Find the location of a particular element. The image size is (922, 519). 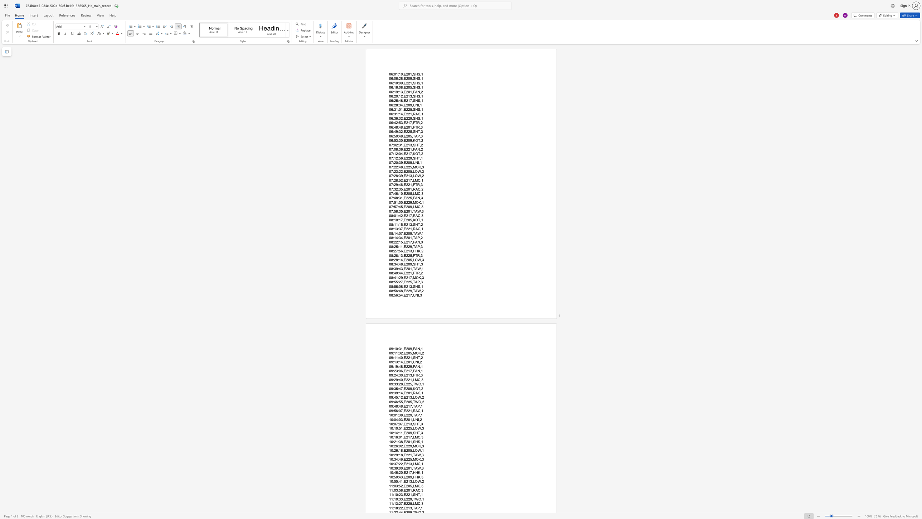

the space between the continuous character "," and "F" in the text is located at coordinates (413, 273).